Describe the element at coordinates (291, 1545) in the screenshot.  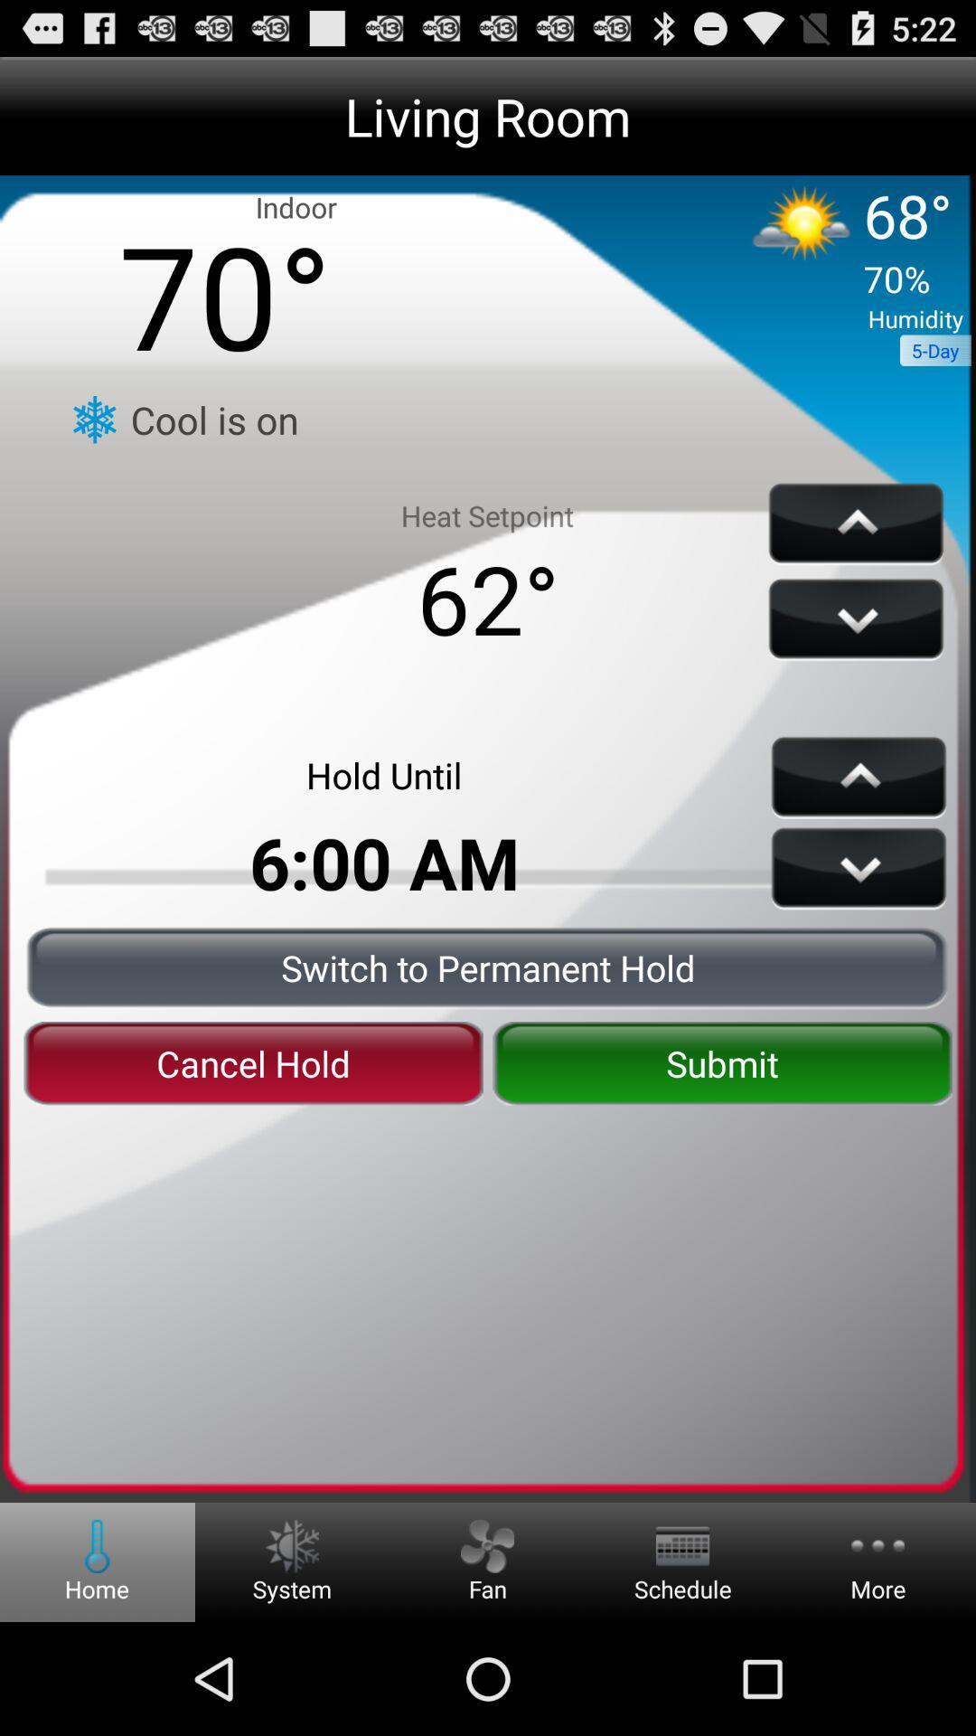
I see `the icon which is just above the system` at that location.